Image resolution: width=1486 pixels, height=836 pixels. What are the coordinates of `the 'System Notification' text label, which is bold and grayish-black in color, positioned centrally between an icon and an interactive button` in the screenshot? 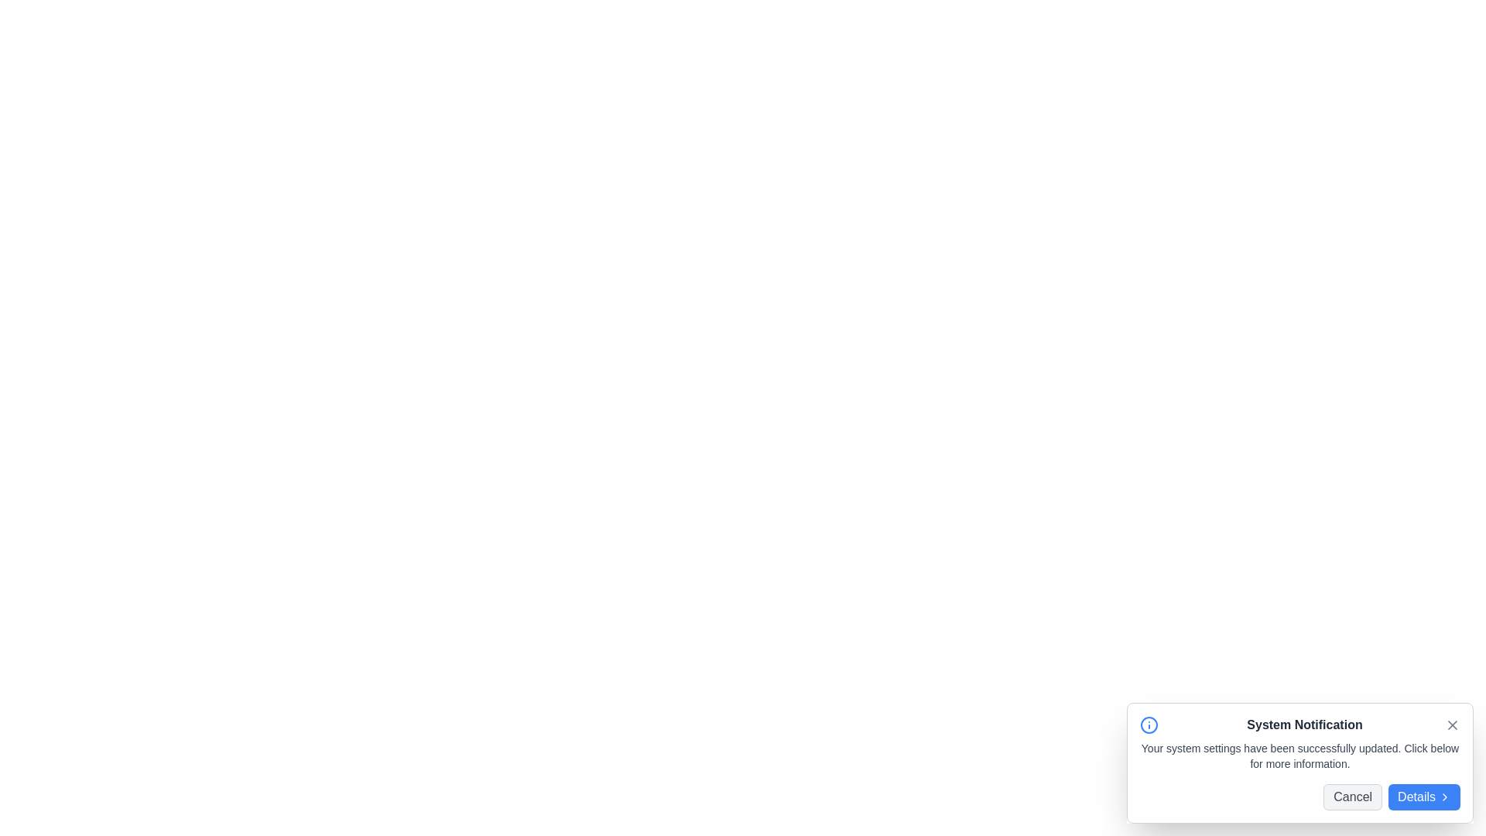 It's located at (1303, 725).